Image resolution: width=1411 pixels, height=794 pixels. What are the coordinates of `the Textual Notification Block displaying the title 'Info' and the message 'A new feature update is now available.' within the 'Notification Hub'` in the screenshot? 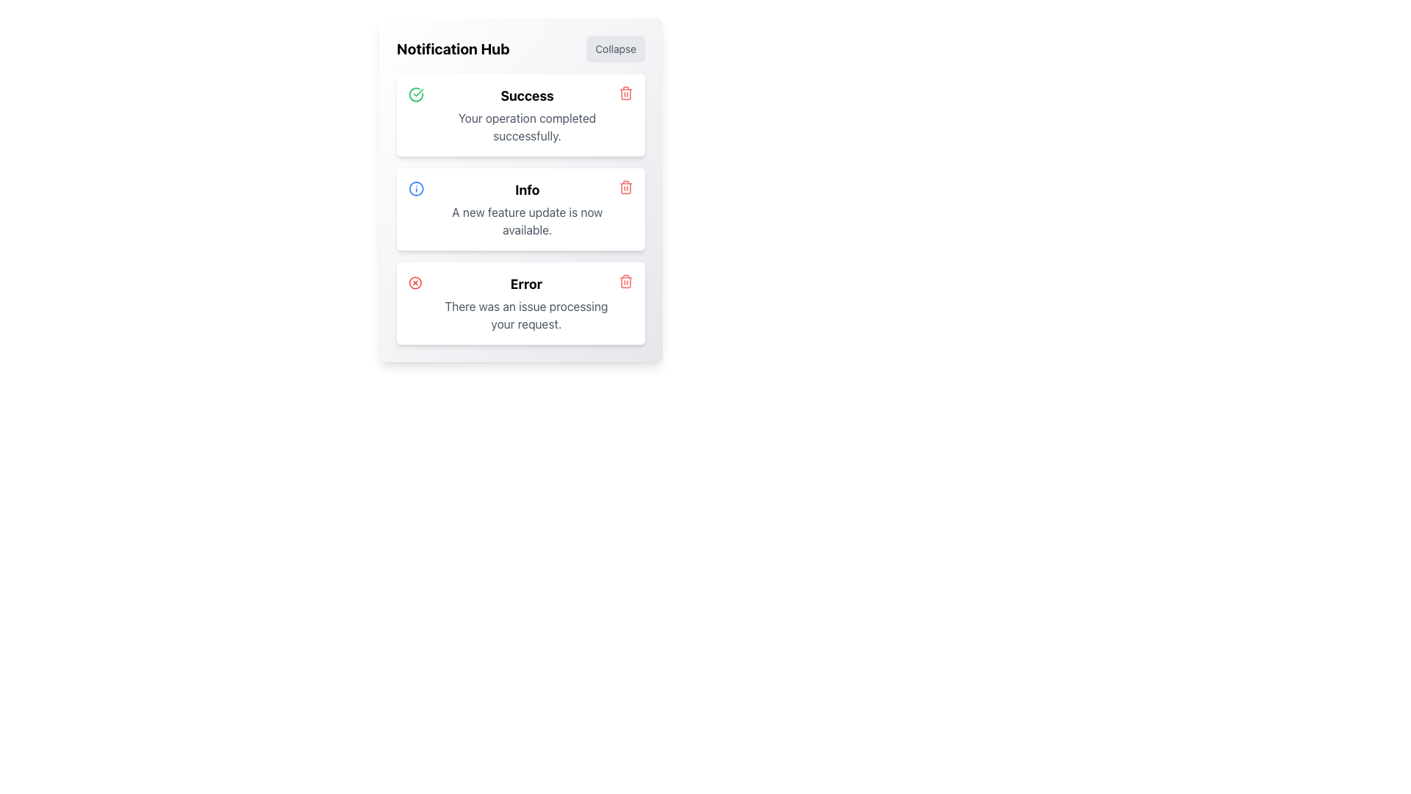 It's located at (527, 210).